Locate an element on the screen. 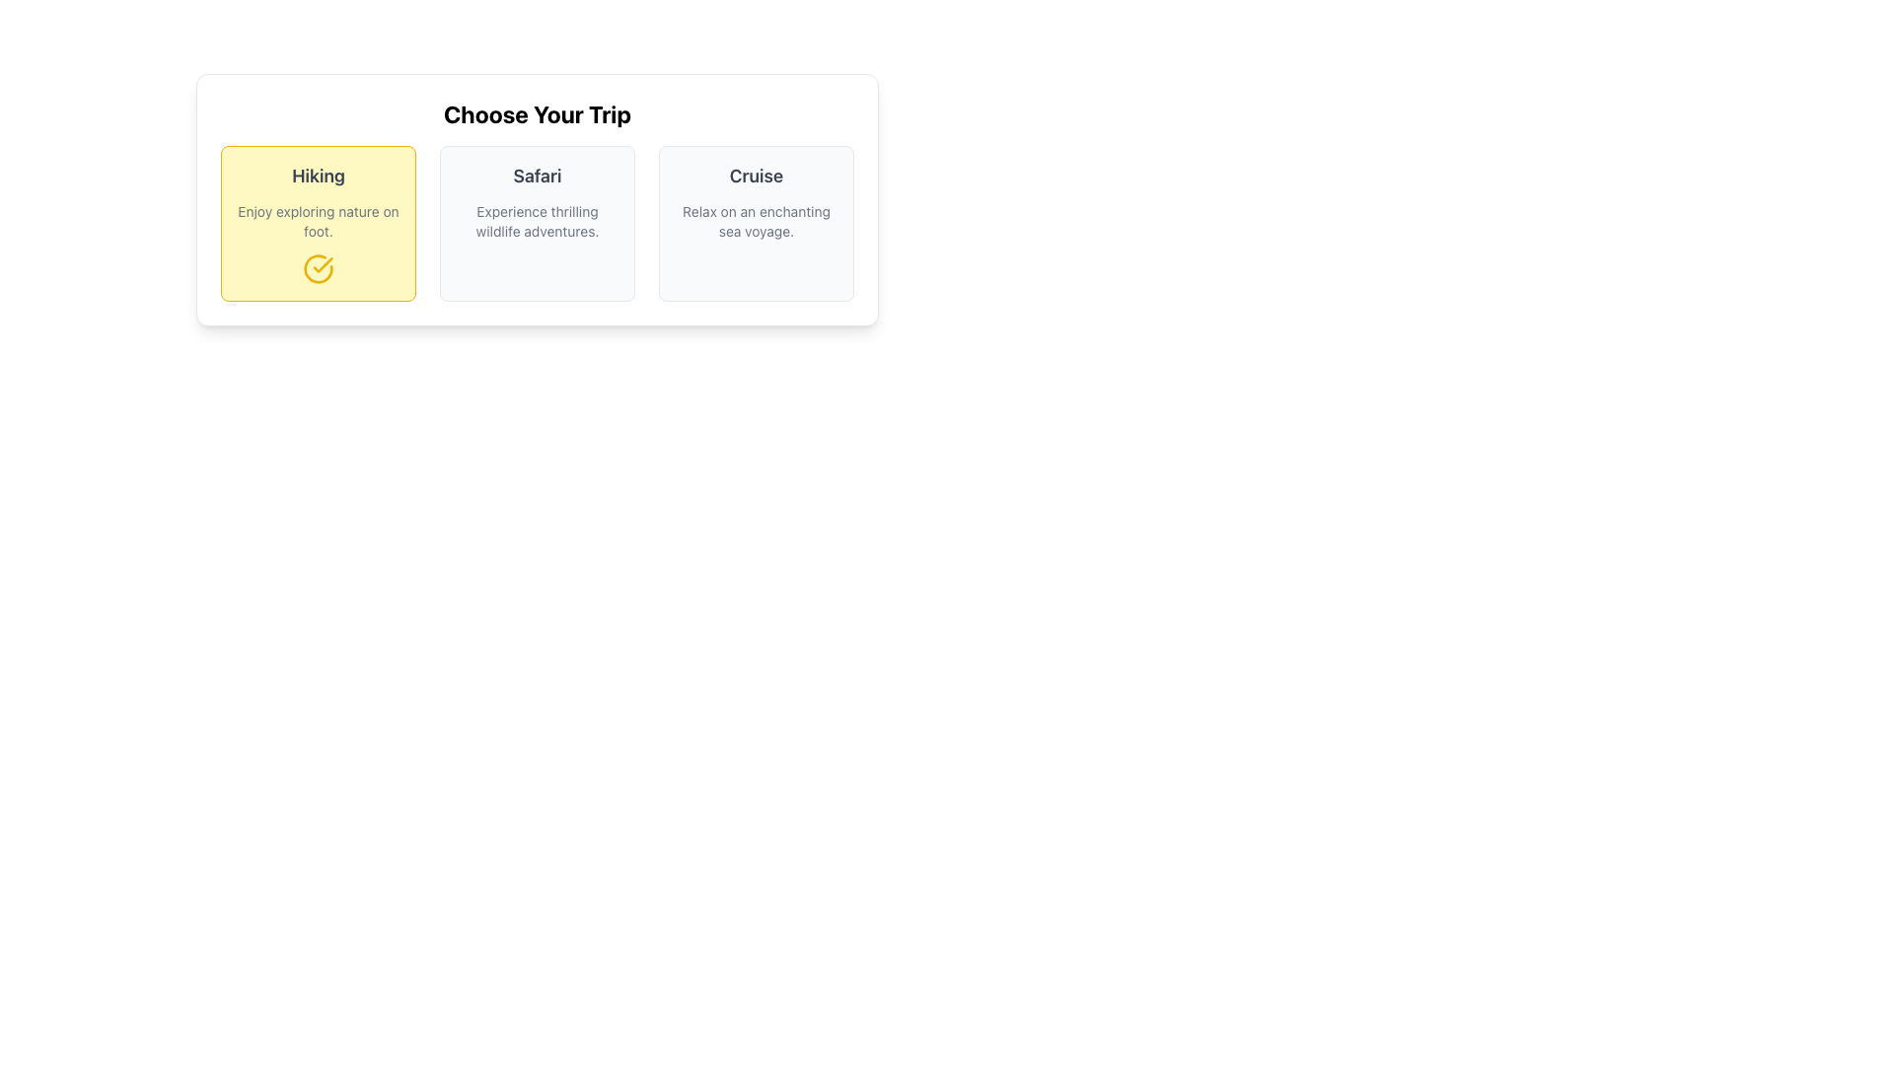  the bolded text label reading 'Hiking', which is located in the upper-central portion of the yellow-highlighted card is located at coordinates (318, 175).